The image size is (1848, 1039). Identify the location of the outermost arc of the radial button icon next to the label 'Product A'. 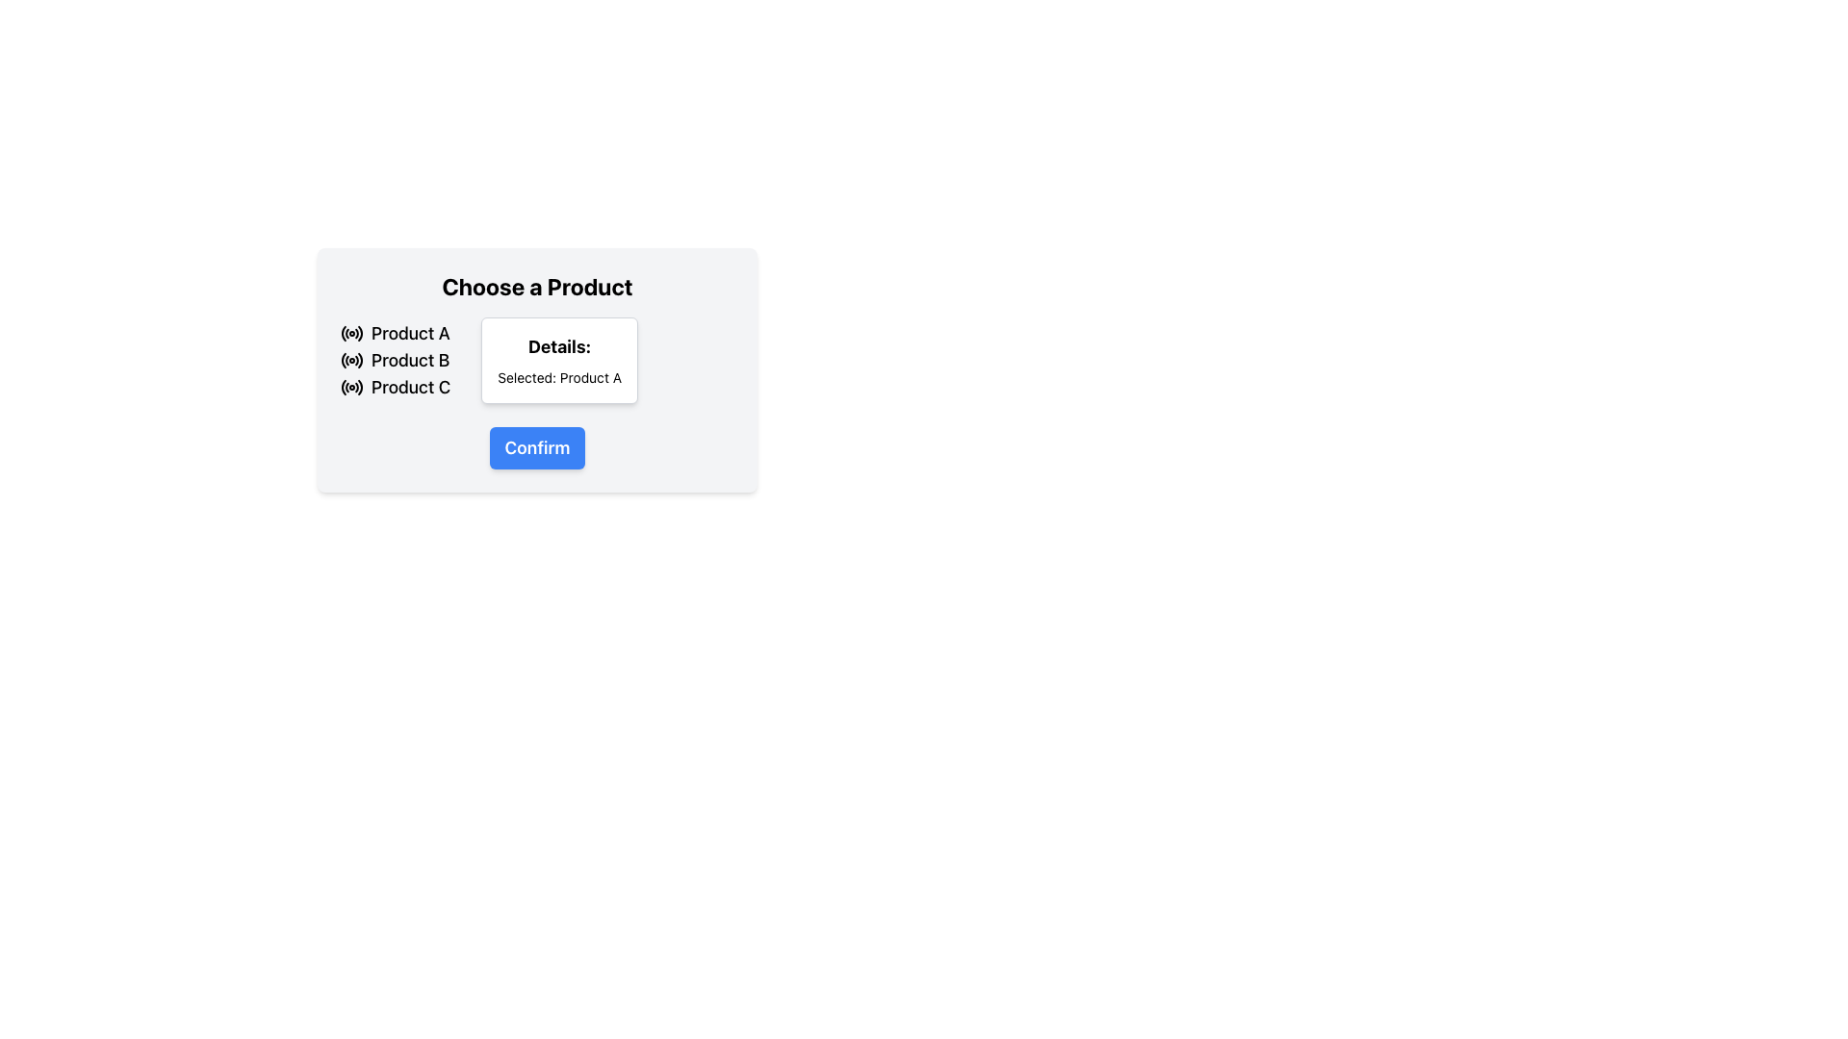
(360, 332).